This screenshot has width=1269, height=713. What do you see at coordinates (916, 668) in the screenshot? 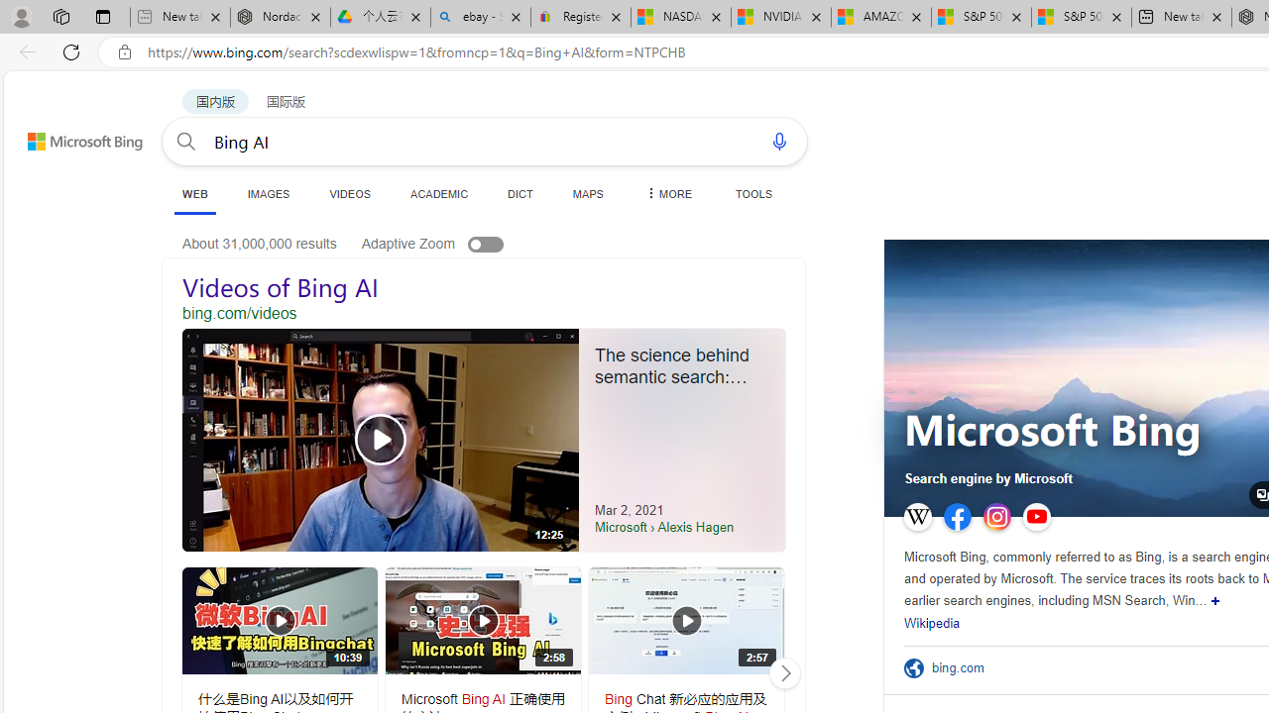
I see `'Official Site'` at bounding box center [916, 668].